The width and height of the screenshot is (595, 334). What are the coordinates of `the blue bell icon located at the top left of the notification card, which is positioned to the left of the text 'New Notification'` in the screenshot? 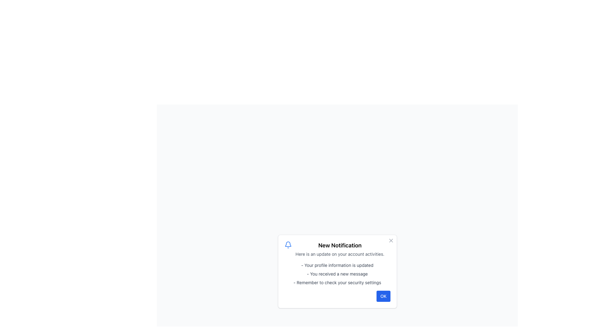 It's located at (288, 244).